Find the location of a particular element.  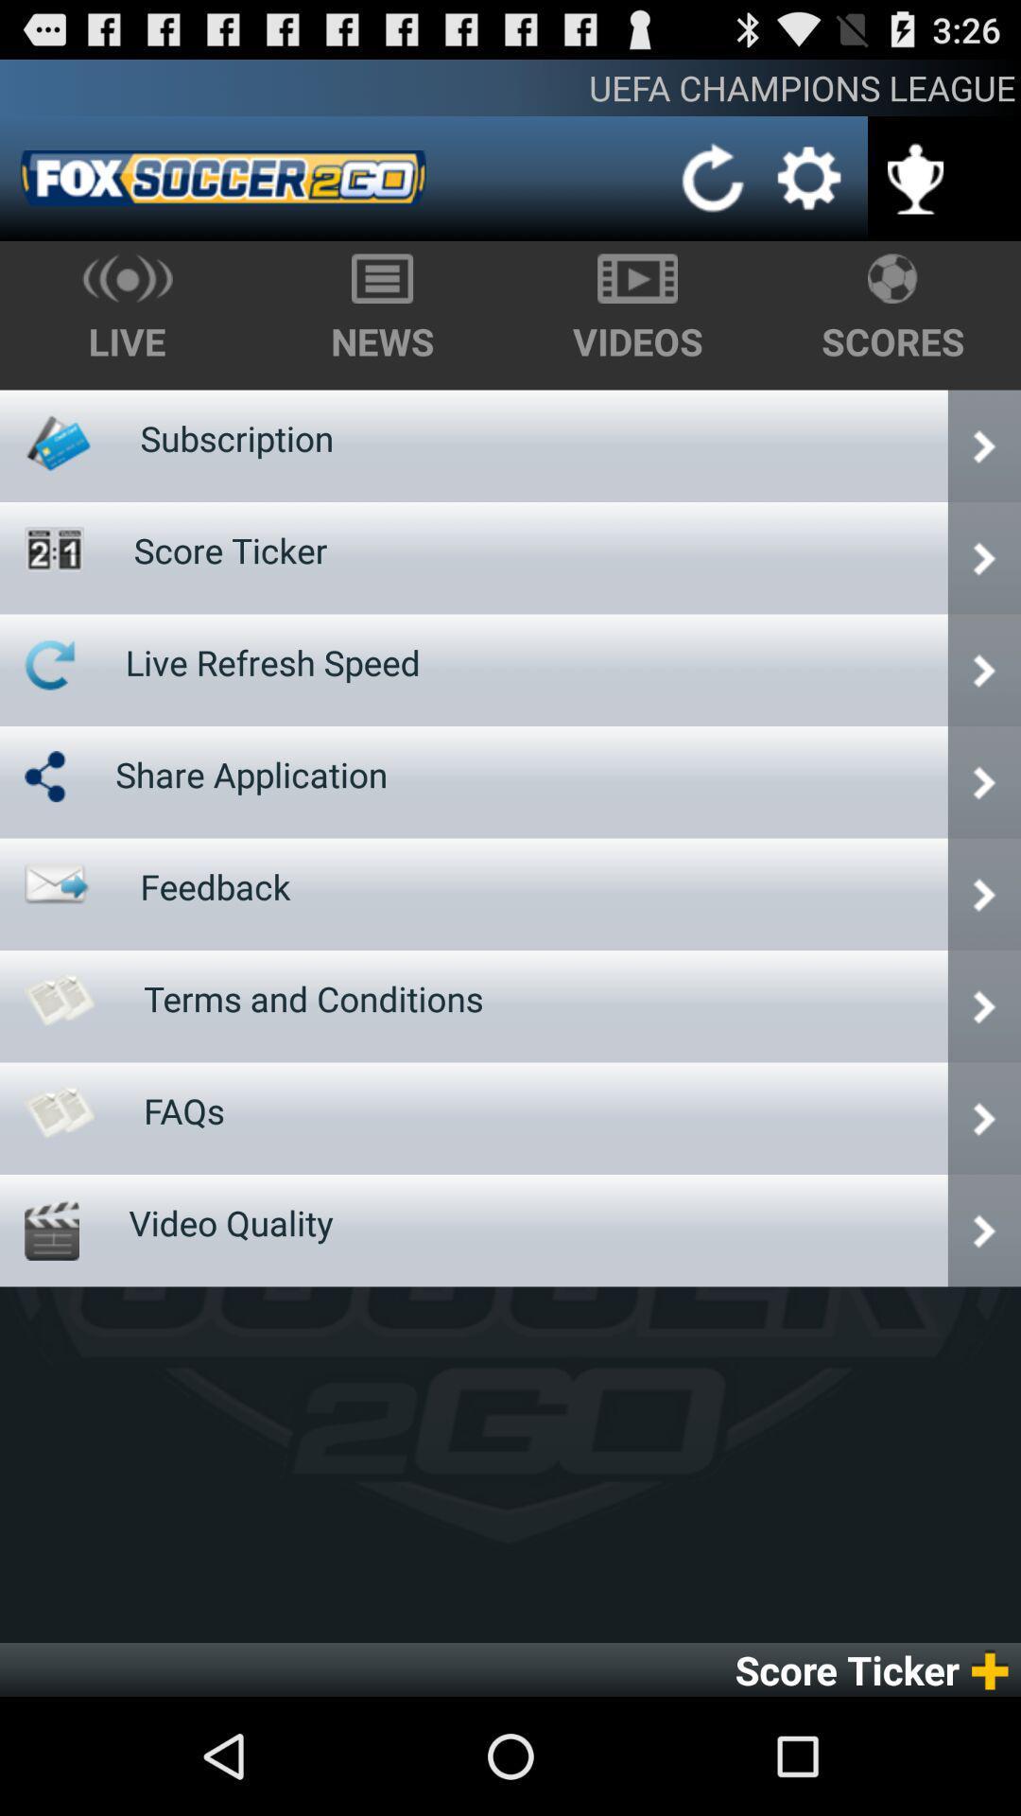

item below score ticker item is located at coordinates (272, 662).